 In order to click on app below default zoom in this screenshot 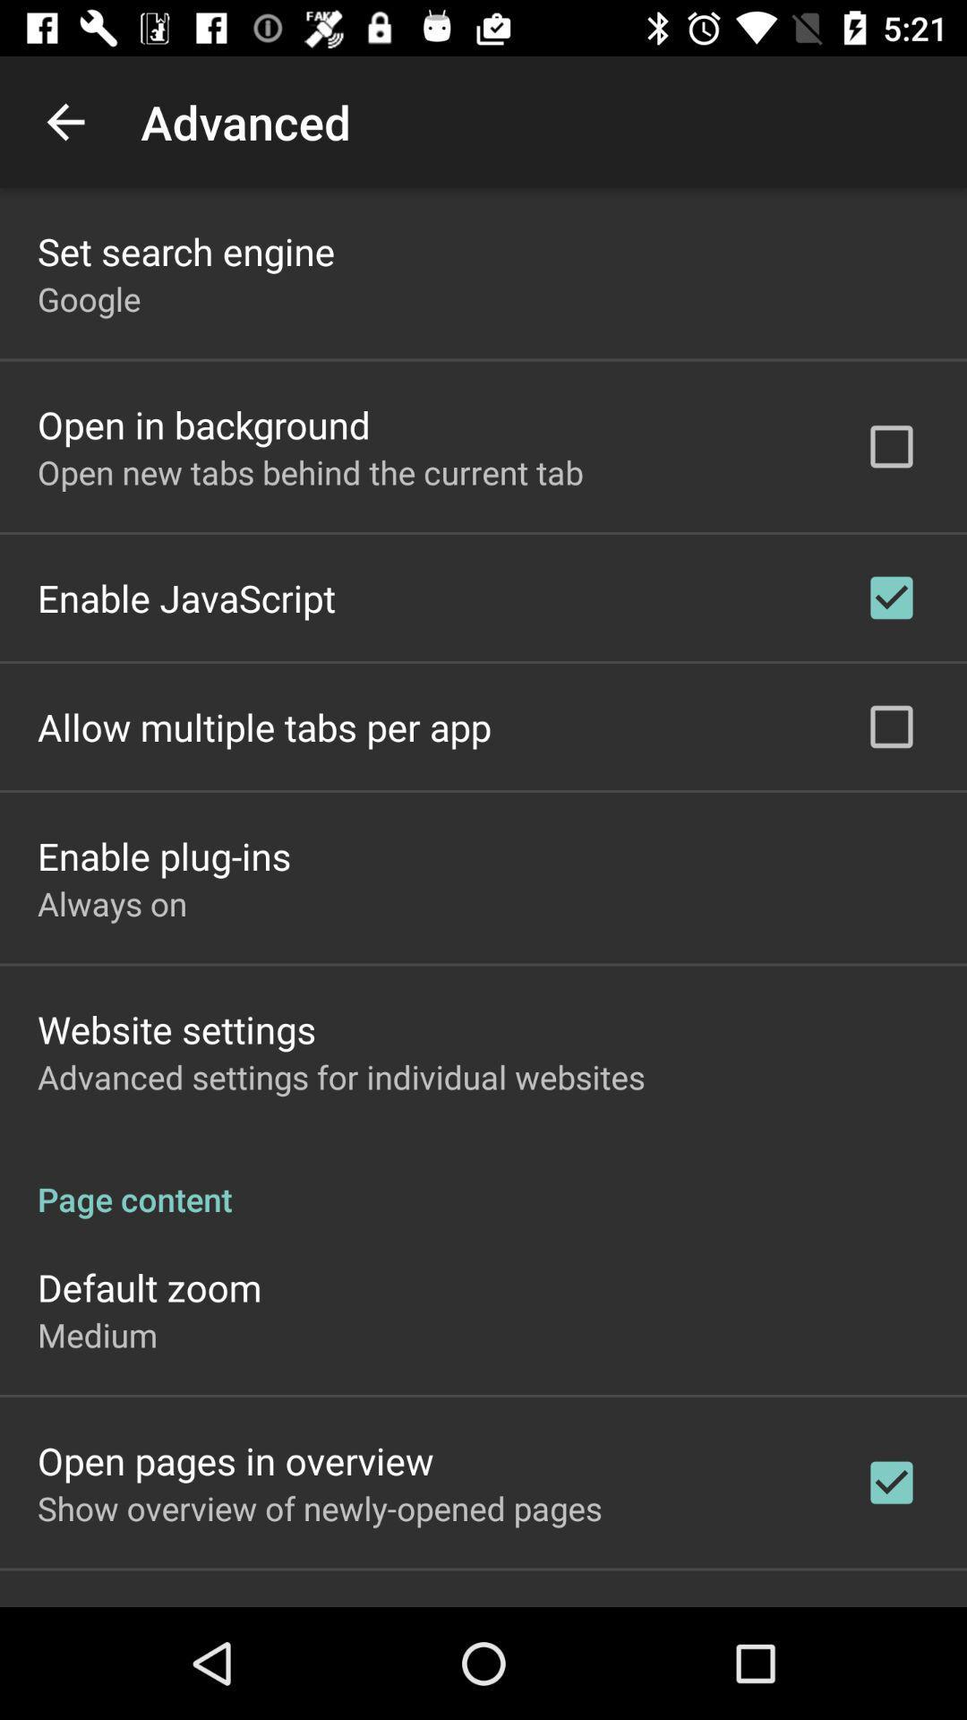, I will do `click(98, 1335)`.